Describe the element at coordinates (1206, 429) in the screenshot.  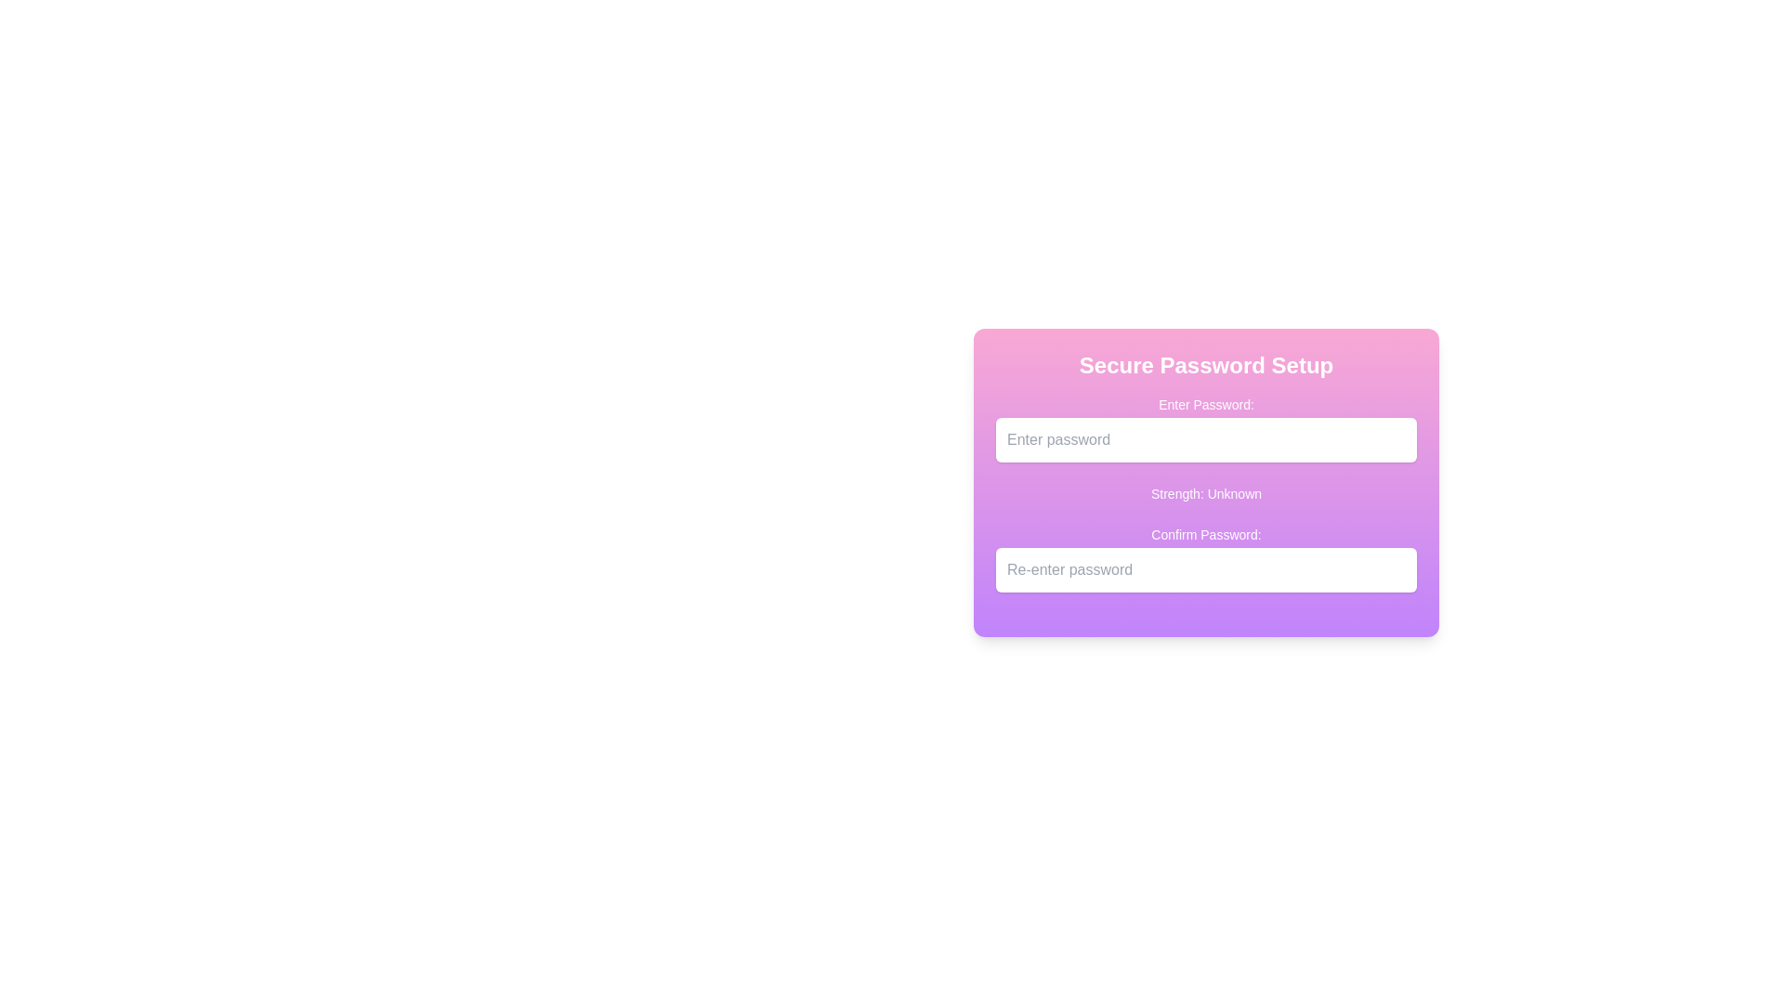
I see `the password input field labeled 'Enter Password:' to focus on it` at that location.